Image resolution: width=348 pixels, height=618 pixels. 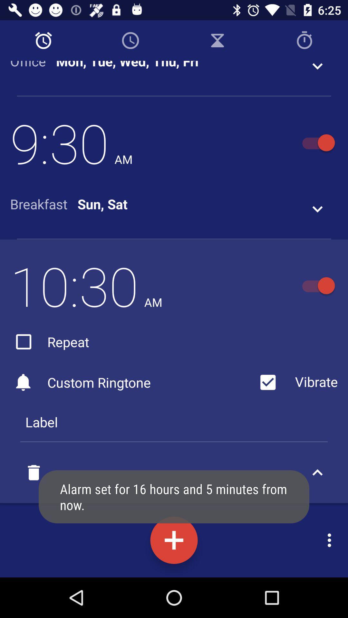 What do you see at coordinates (174, 540) in the screenshot?
I see `the add icon` at bounding box center [174, 540].